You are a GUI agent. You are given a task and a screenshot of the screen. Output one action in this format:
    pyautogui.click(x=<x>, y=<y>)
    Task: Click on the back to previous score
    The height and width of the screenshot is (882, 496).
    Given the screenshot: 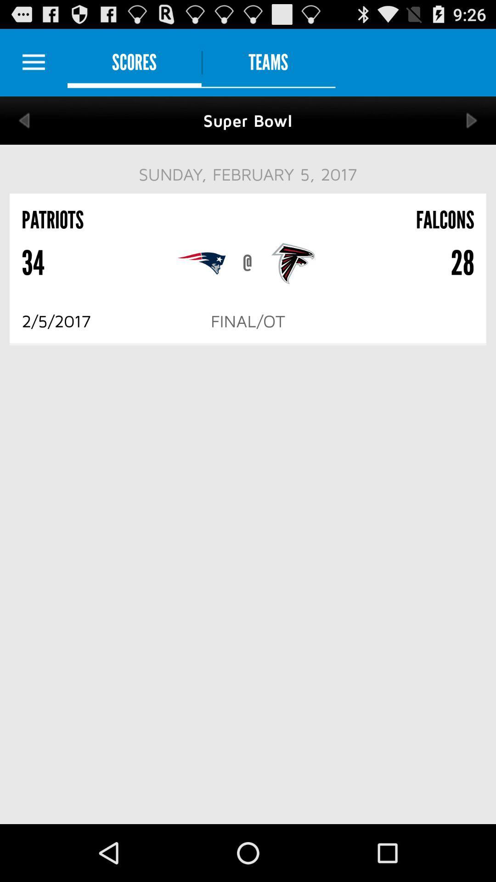 What is the action you would take?
    pyautogui.click(x=23, y=120)
    